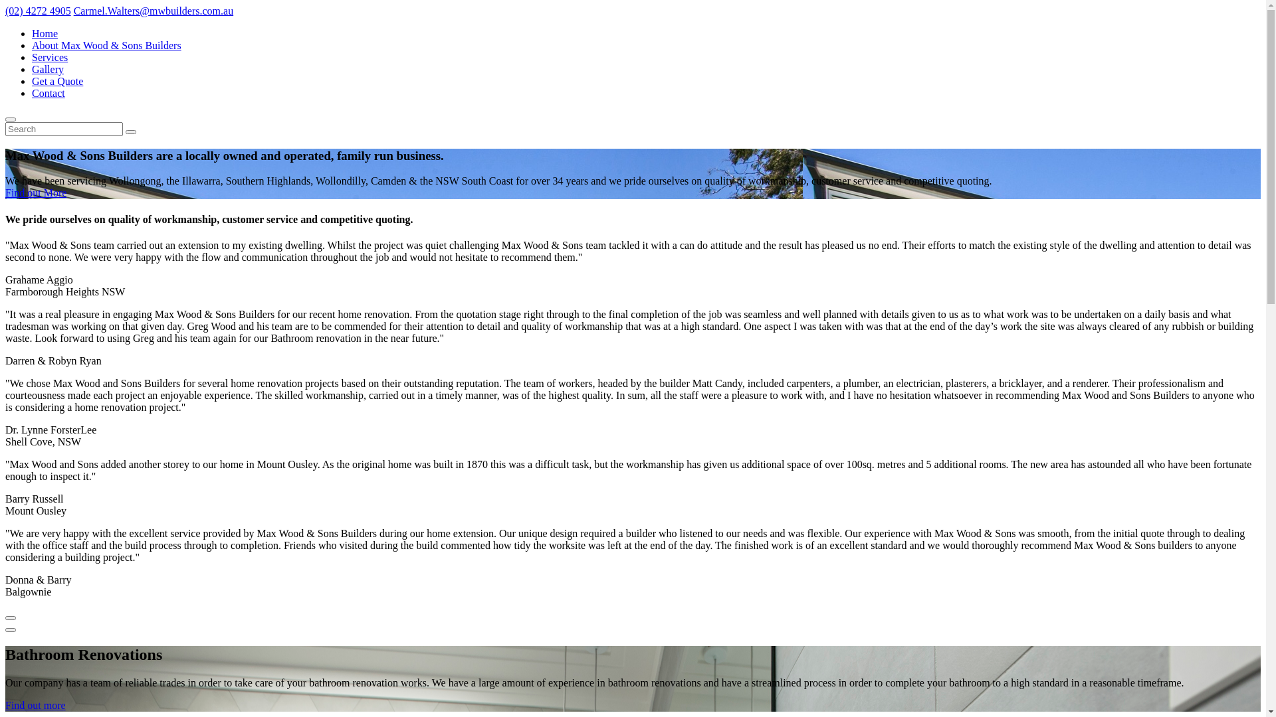  What do you see at coordinates (32, 44) in the screenshot?
I see `'About Max Wood & Sons Builders'` at bounding box center [32, 44].